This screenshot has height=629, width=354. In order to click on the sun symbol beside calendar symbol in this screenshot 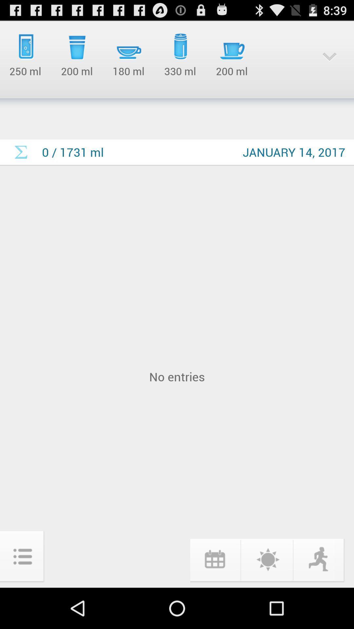, I will do `click(267, 559)`.